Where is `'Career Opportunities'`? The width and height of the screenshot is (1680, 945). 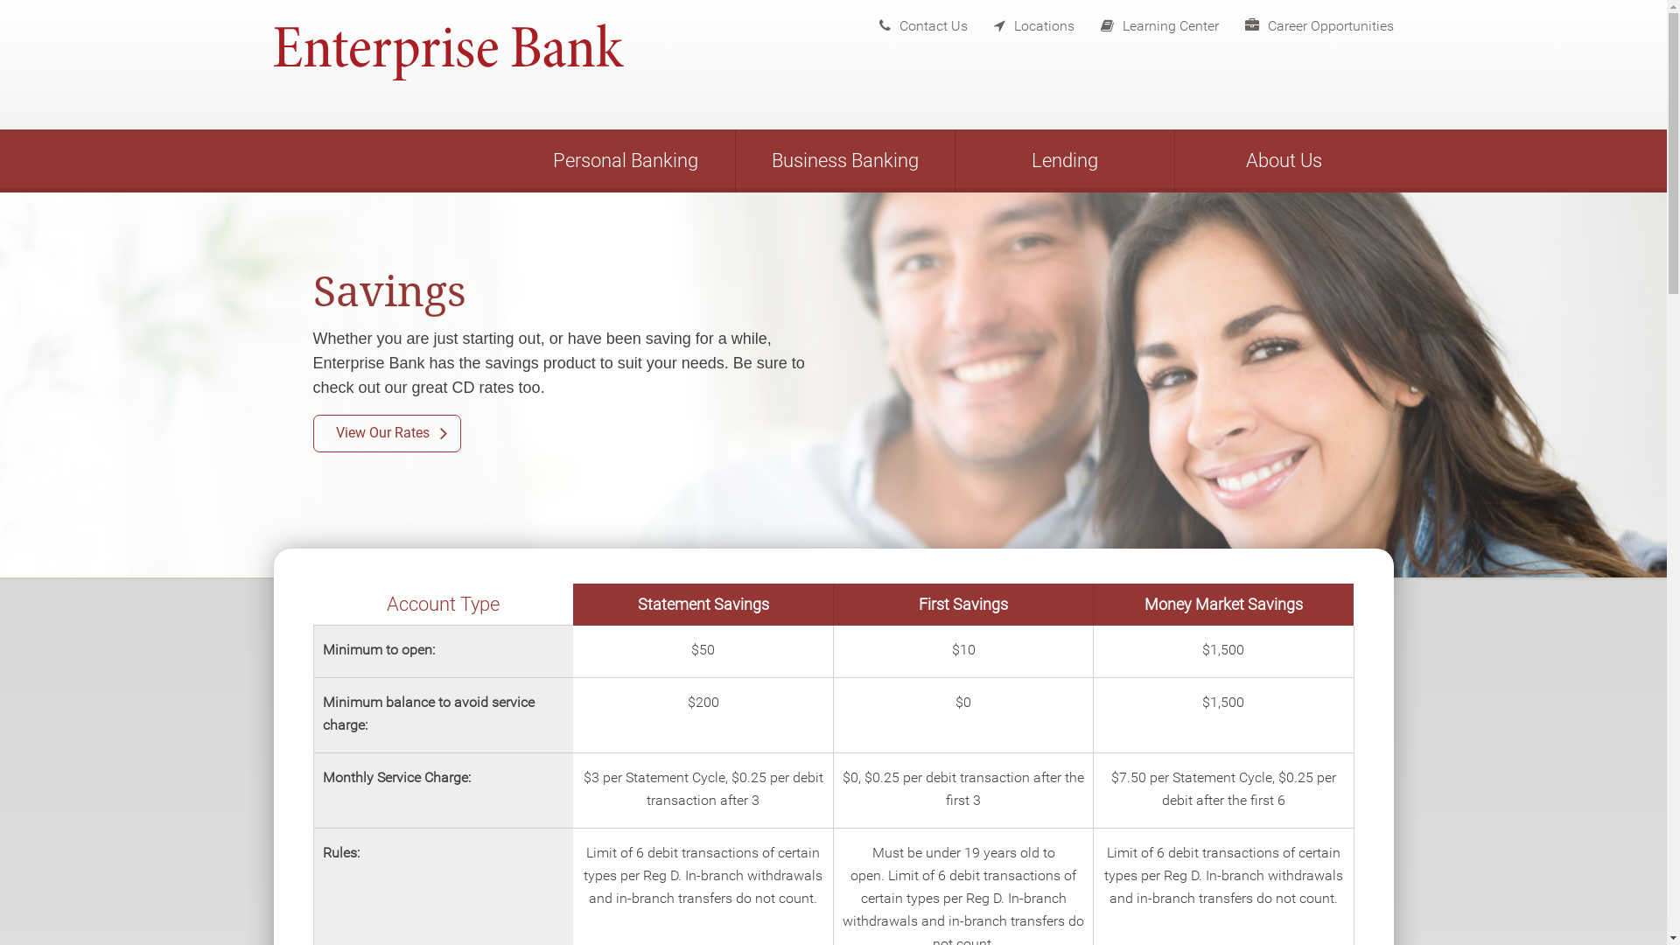
'Career Opportunities' is located at coordinates (1305, 21).